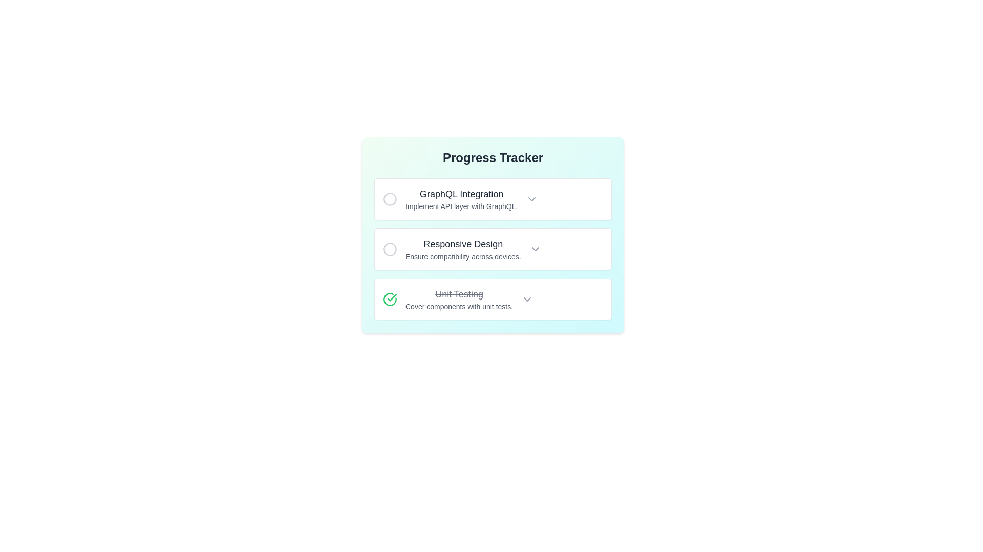 The image size is (983, 552). I want to click on the text label displaying 'GraphQL Integration', which is the topmost item in a vertical list of progress steps, so click(461, 194).